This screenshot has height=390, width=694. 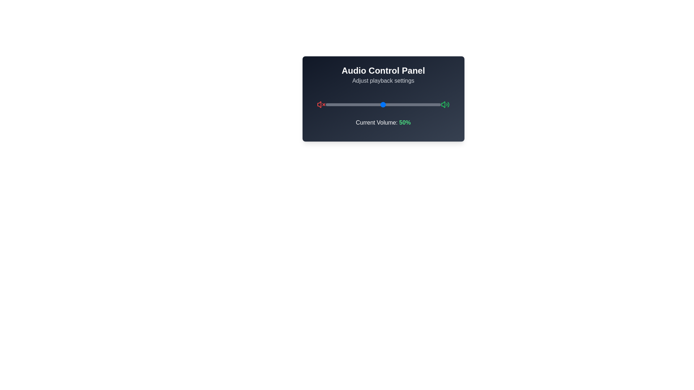 I want to click on the volume slider to set the volume to 45%, so click(x=377, y=104).